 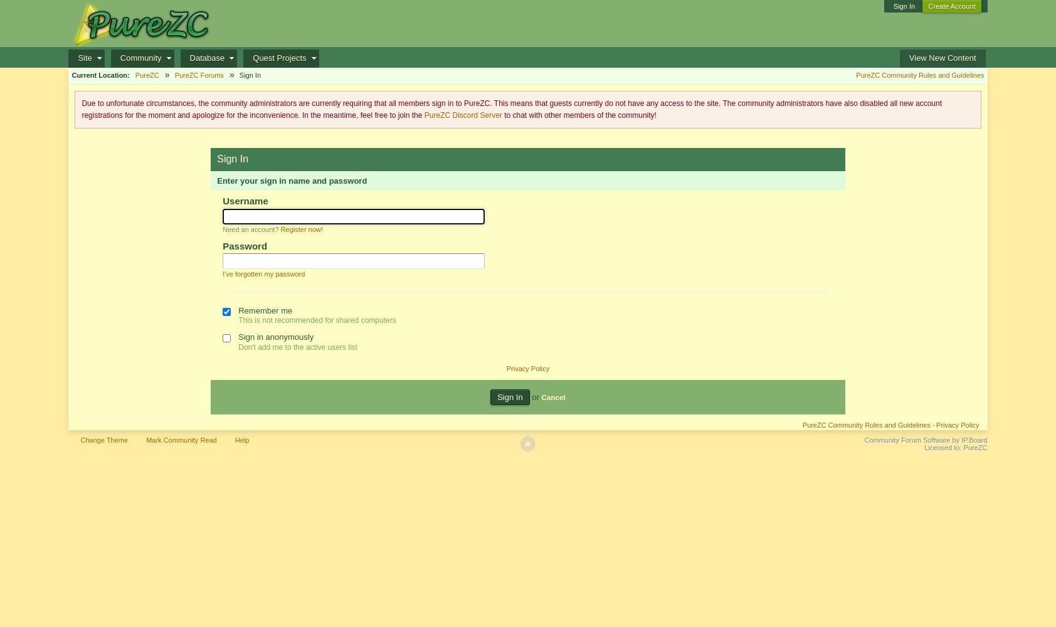 I want to click on 'Sign in anonymously', so click(x=275, y=336).